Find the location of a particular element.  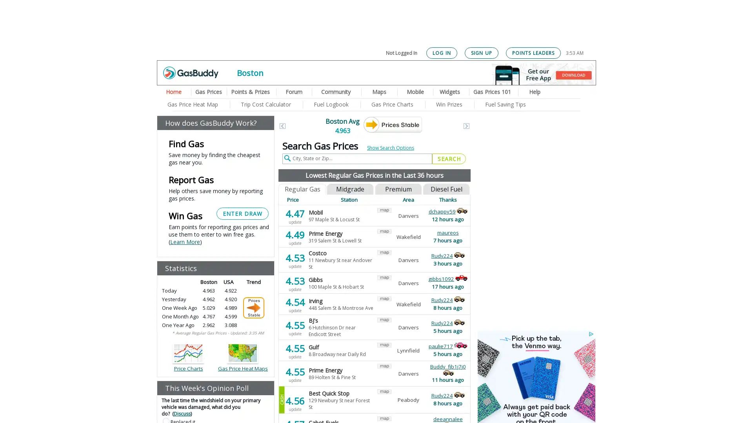

Search is located at coordinates (449, 159).